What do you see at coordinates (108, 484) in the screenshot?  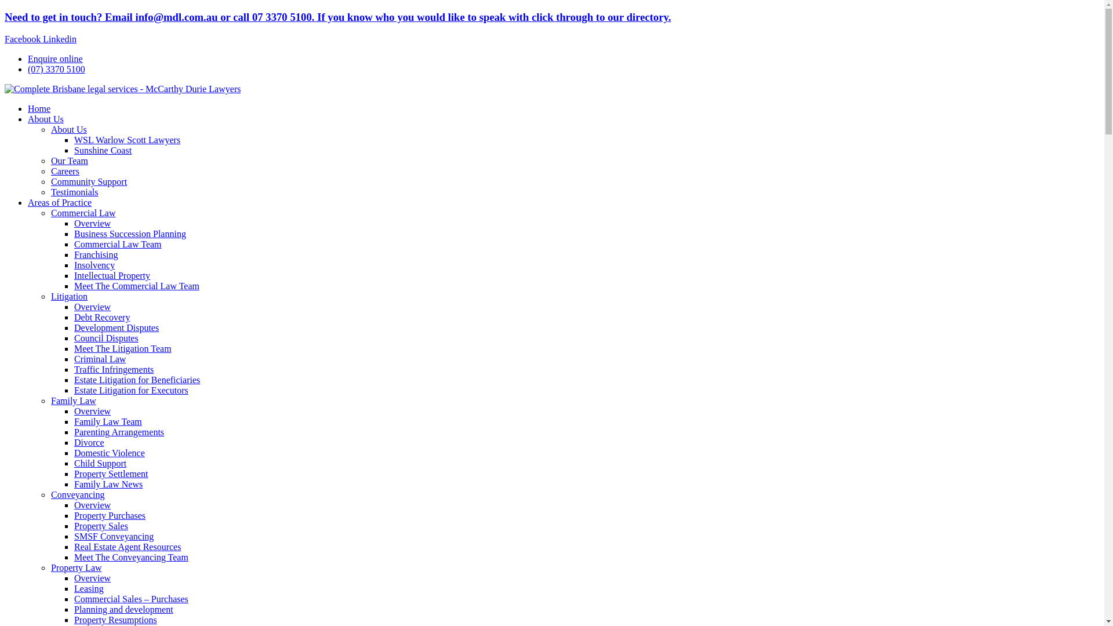 I see `'Family Law News'` at bounding box center [108, 484].